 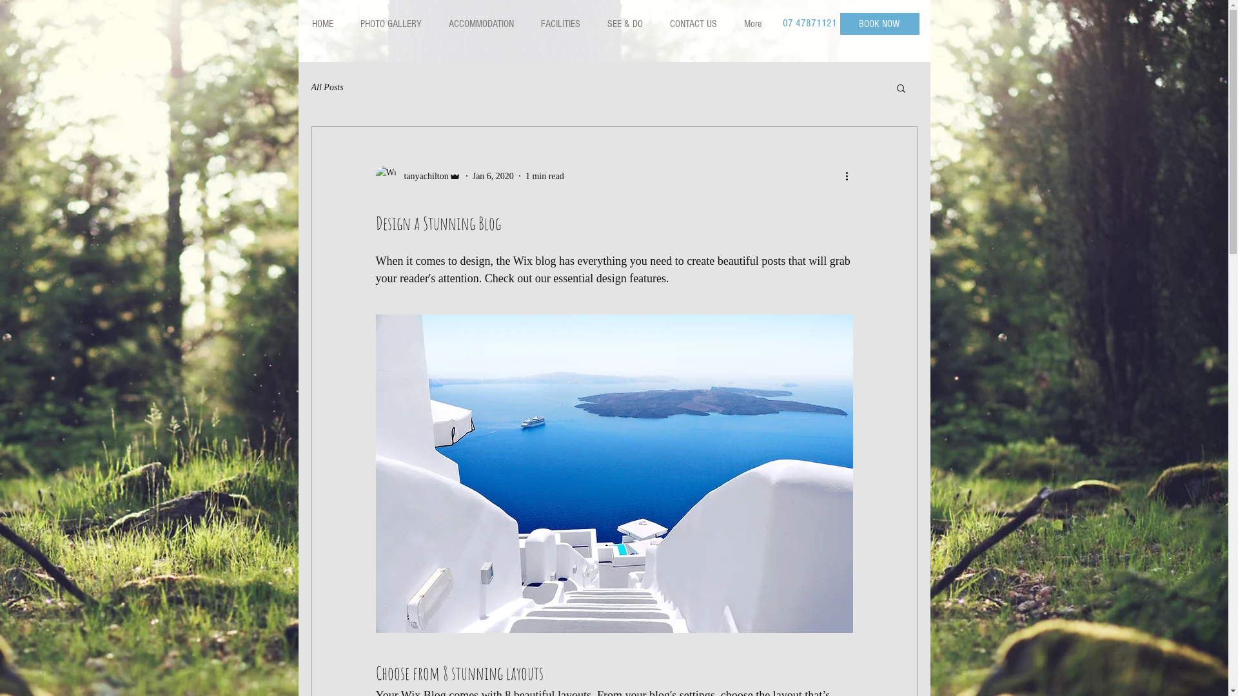 I want to click on 'CONTACT US', so click(x=693, y=24).